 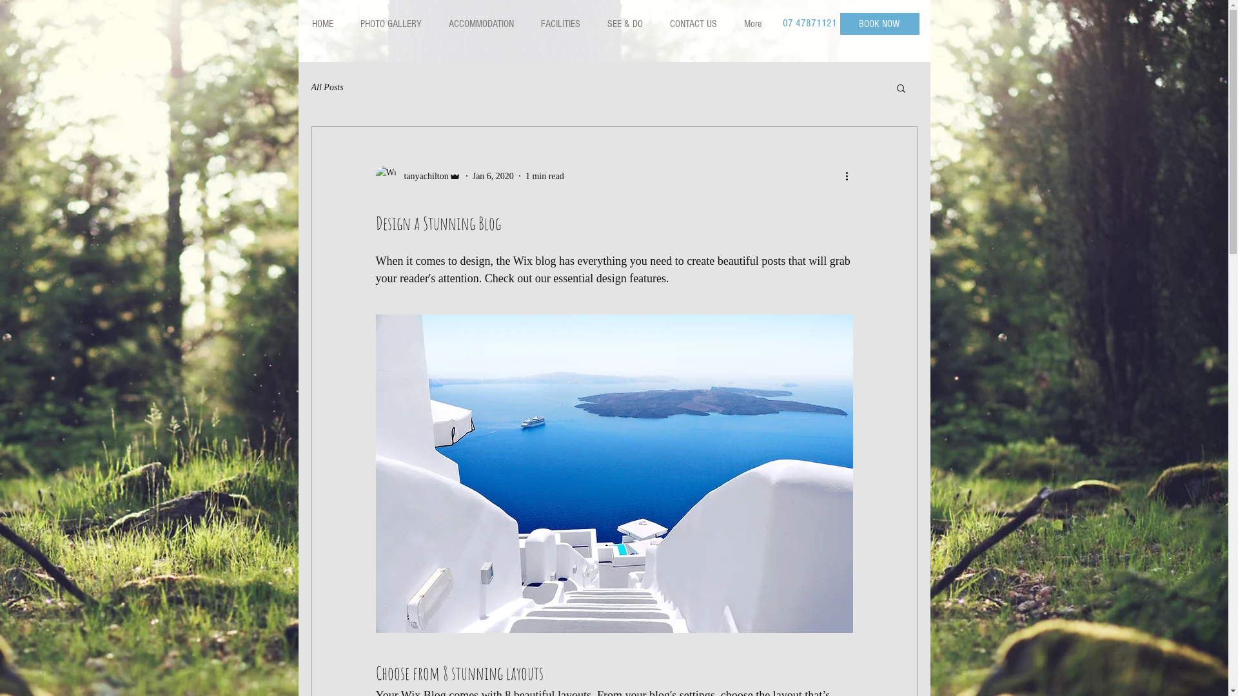 I want to click on 'CONTACT US', so click(x=693, y=24).